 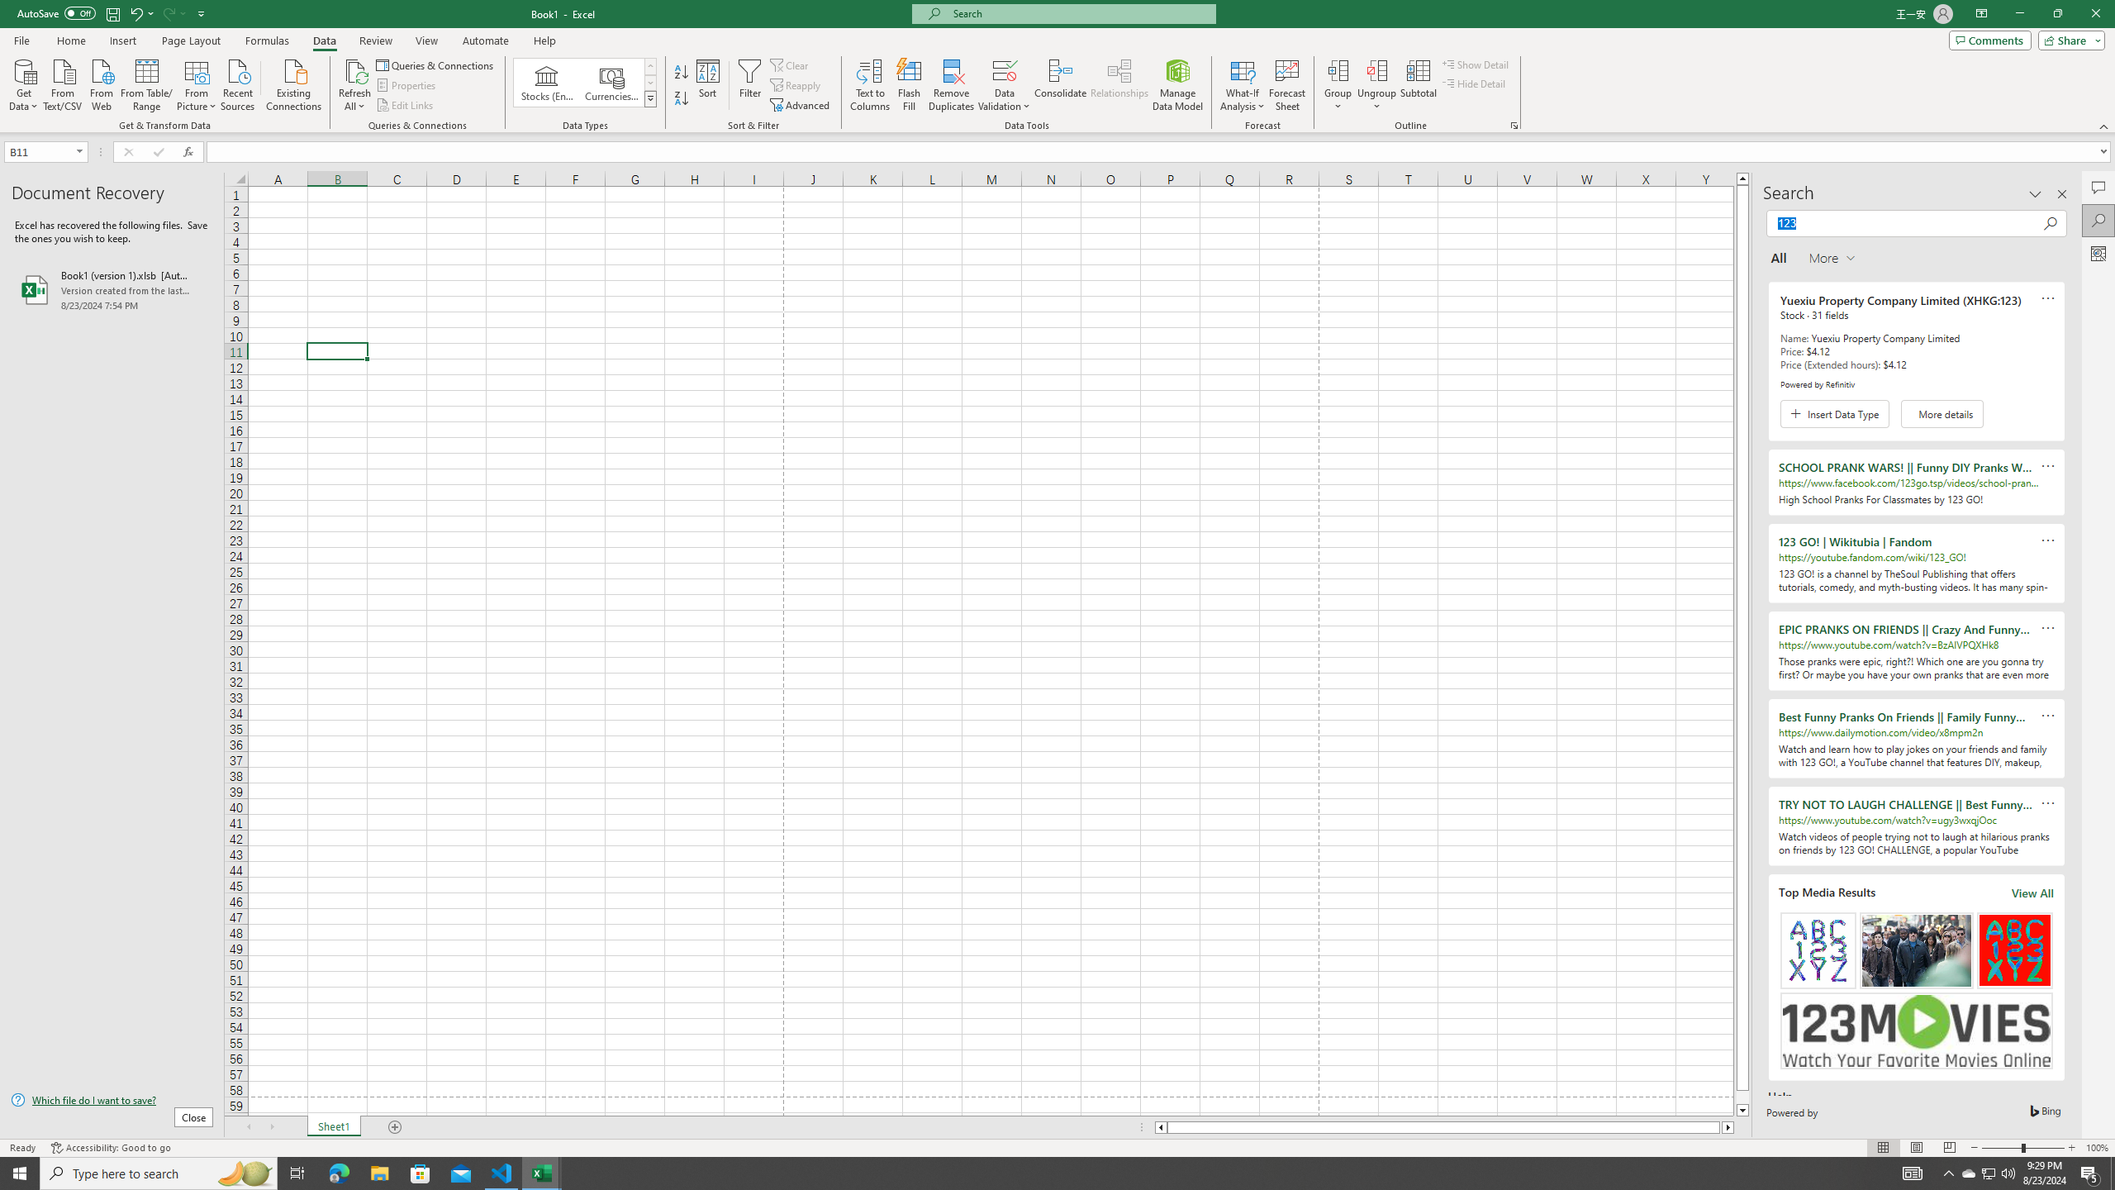 What do you see at coordinates (650, 98) in the screenshot?
I see `'Data Types'` at bounding box center [650, 98].